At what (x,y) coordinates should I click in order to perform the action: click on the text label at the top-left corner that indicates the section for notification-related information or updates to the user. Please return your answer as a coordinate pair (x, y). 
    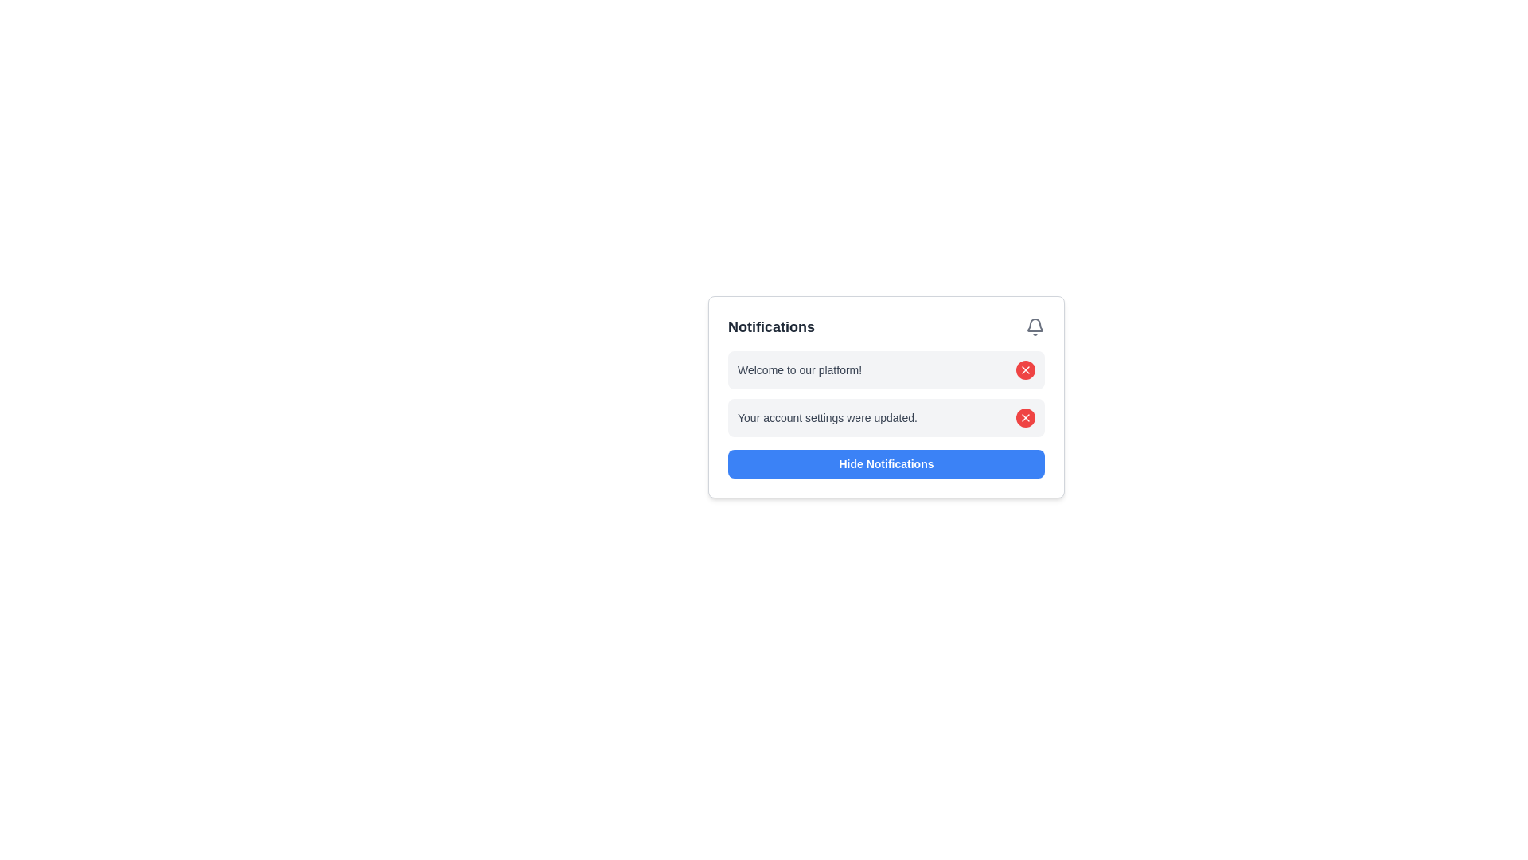
    Looking at the image, I should click on (771, 326).